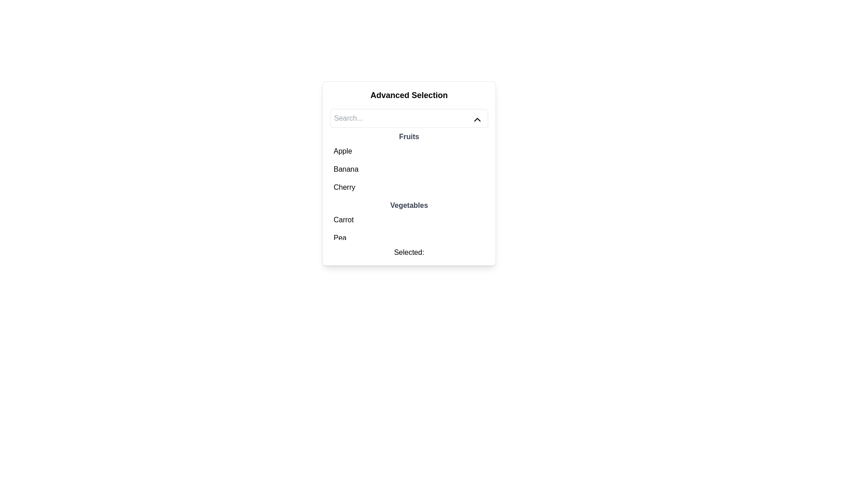 The height and width of the screenshot is (488, 868). What do you see at coordinates (343, 220) in the screenshot?
I see `the text label displaying 'Carrot' under the 'Vegetables' dropdown` at bounding box center [343, 220].